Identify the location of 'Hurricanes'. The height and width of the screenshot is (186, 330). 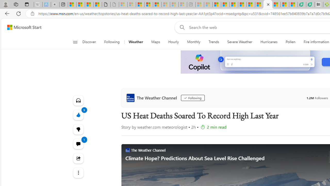
(269, 42).